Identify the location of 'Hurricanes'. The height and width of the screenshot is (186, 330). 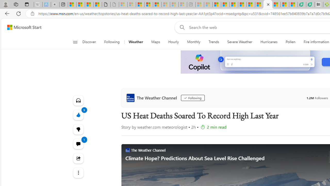
(269, 42).